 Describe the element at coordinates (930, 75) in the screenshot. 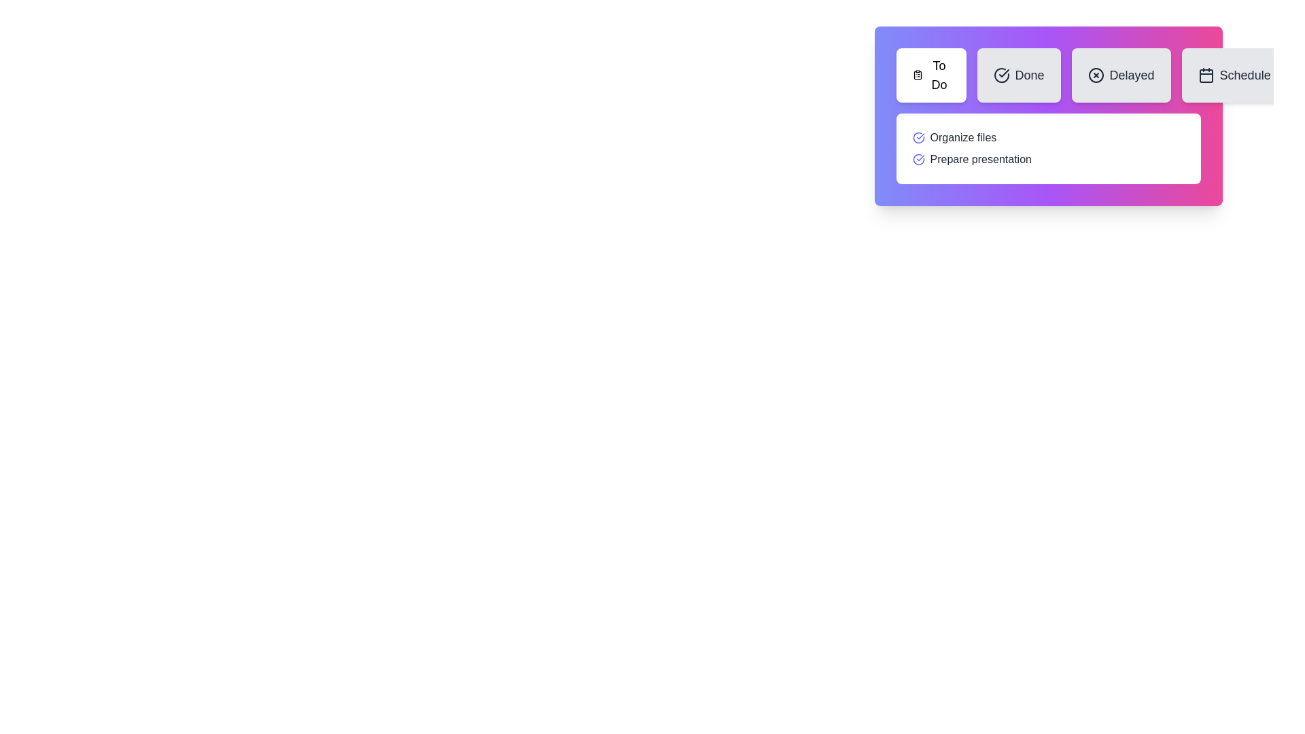

I see `the To Do tab by clicking its respective button` at that location.